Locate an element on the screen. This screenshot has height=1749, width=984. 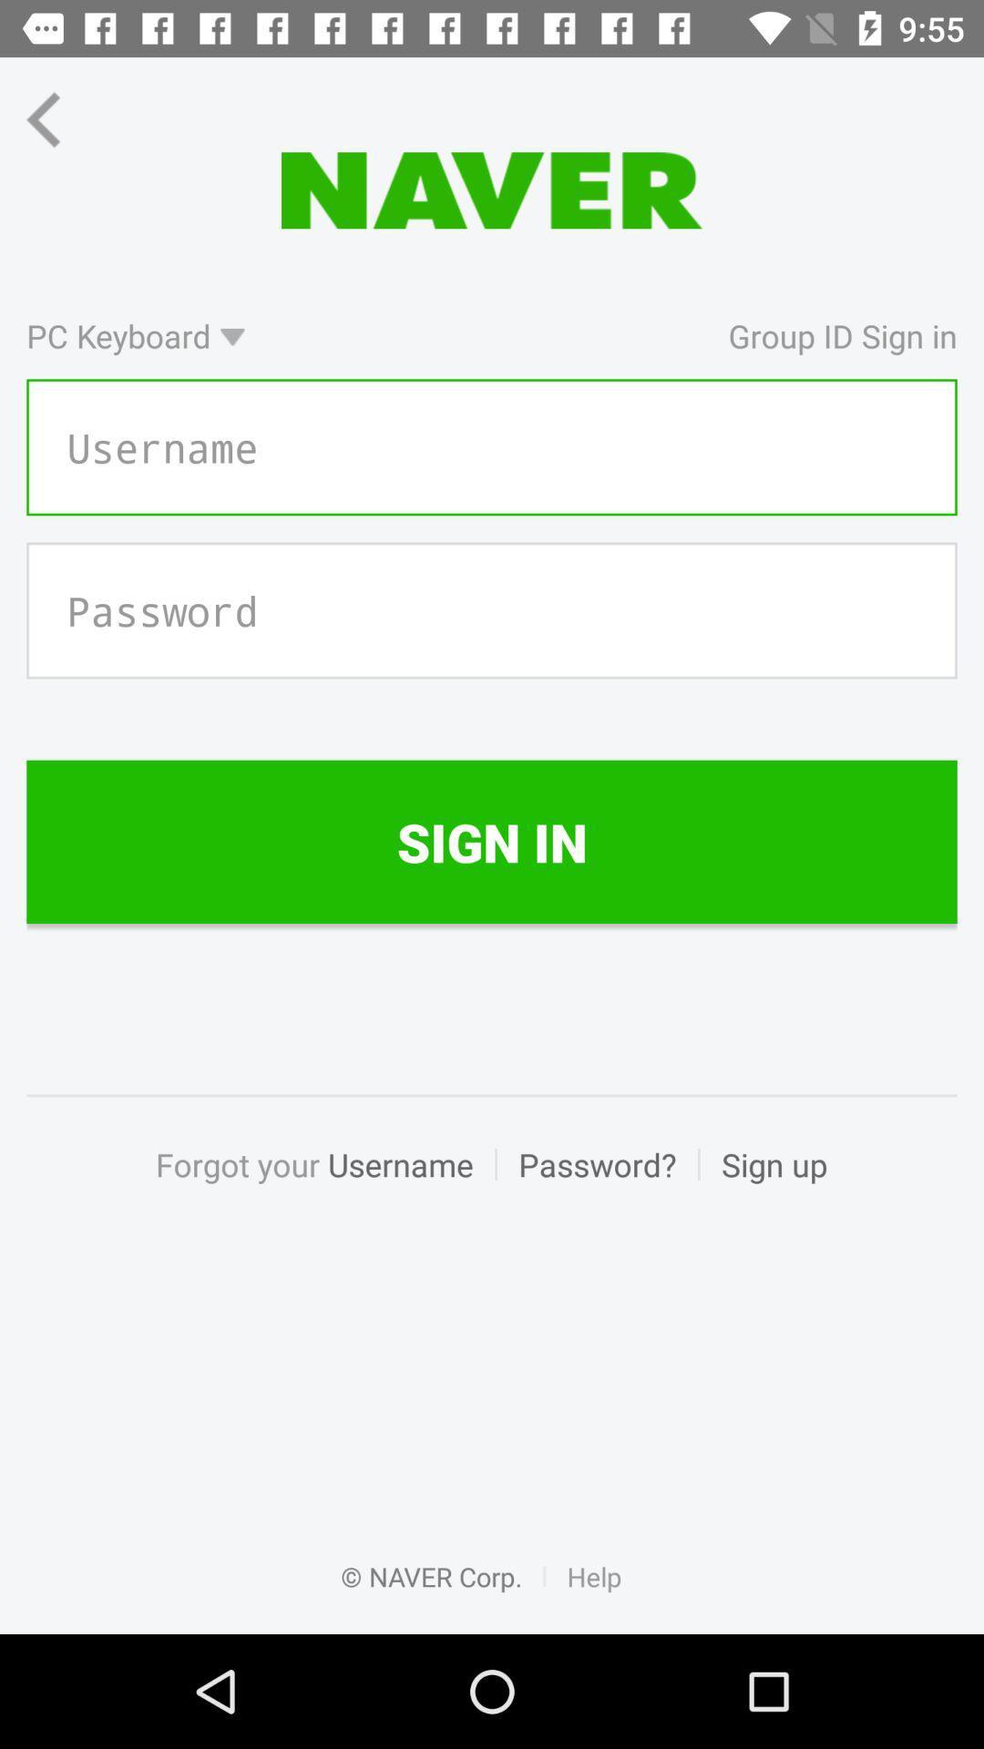
sign up is located at coordinates (764, 1184).